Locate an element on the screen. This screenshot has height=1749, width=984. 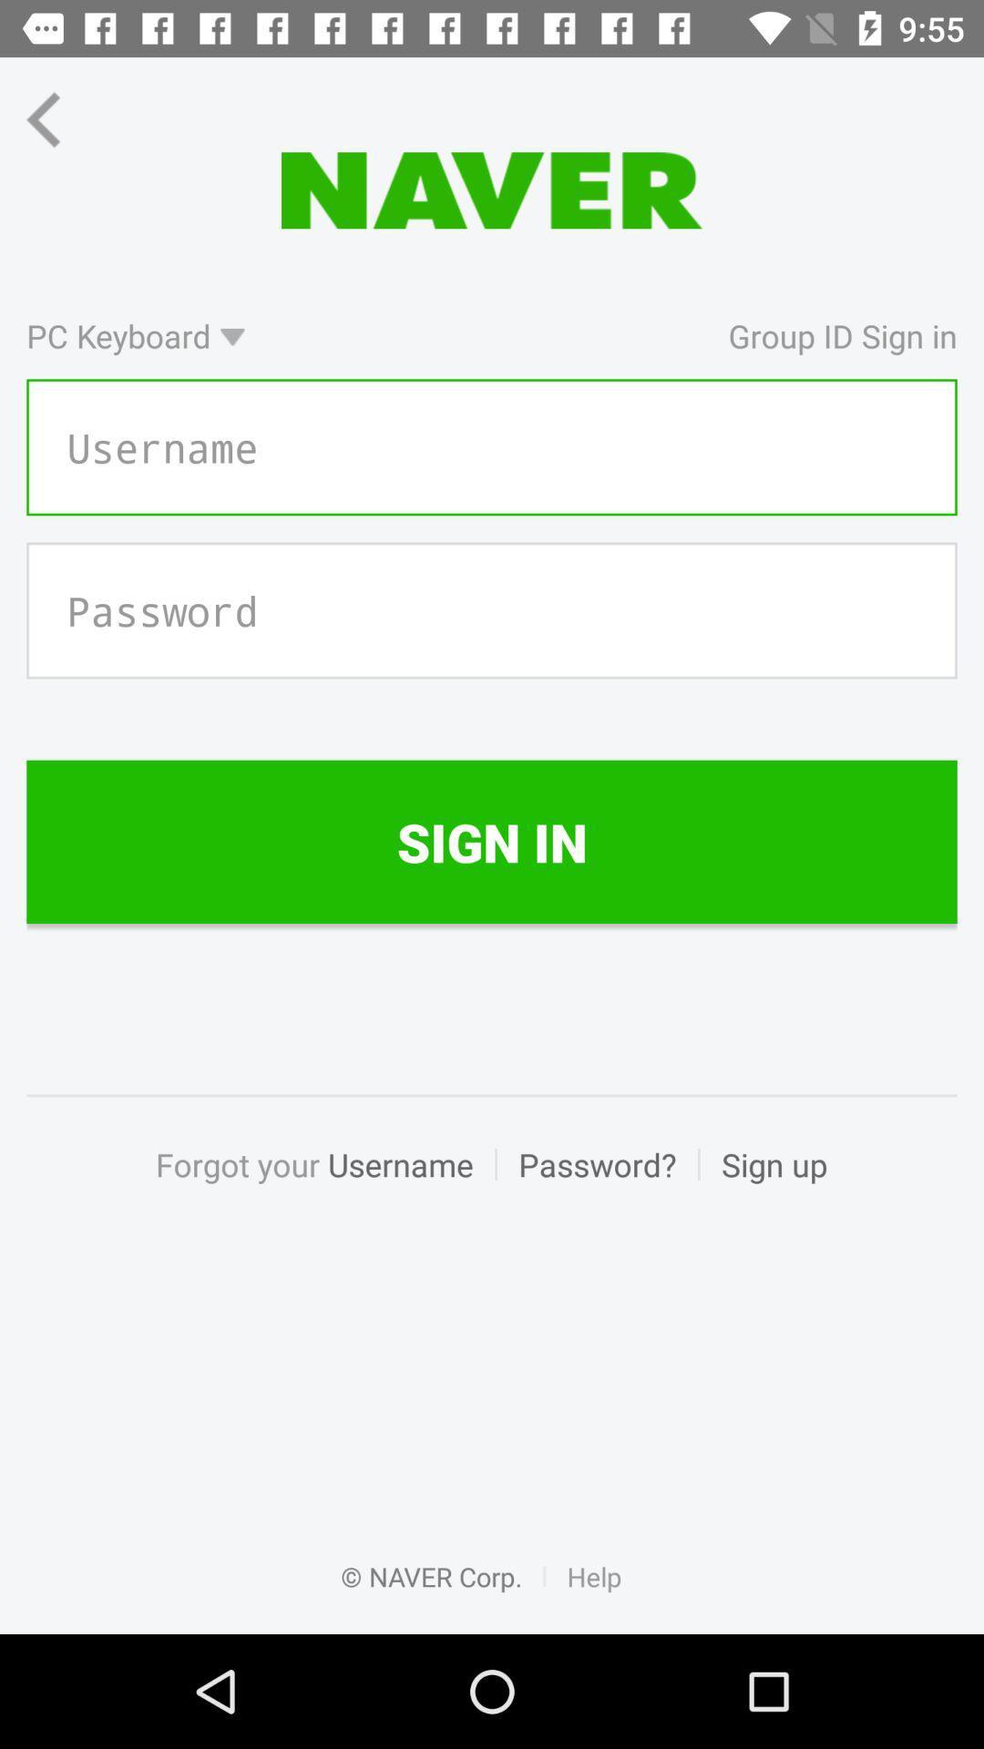
sign up is located at coordinates (764, 1184).